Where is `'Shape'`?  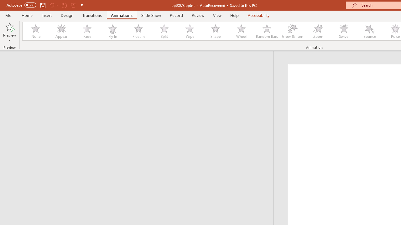
'Shape' is located at coordinates (216, 31).